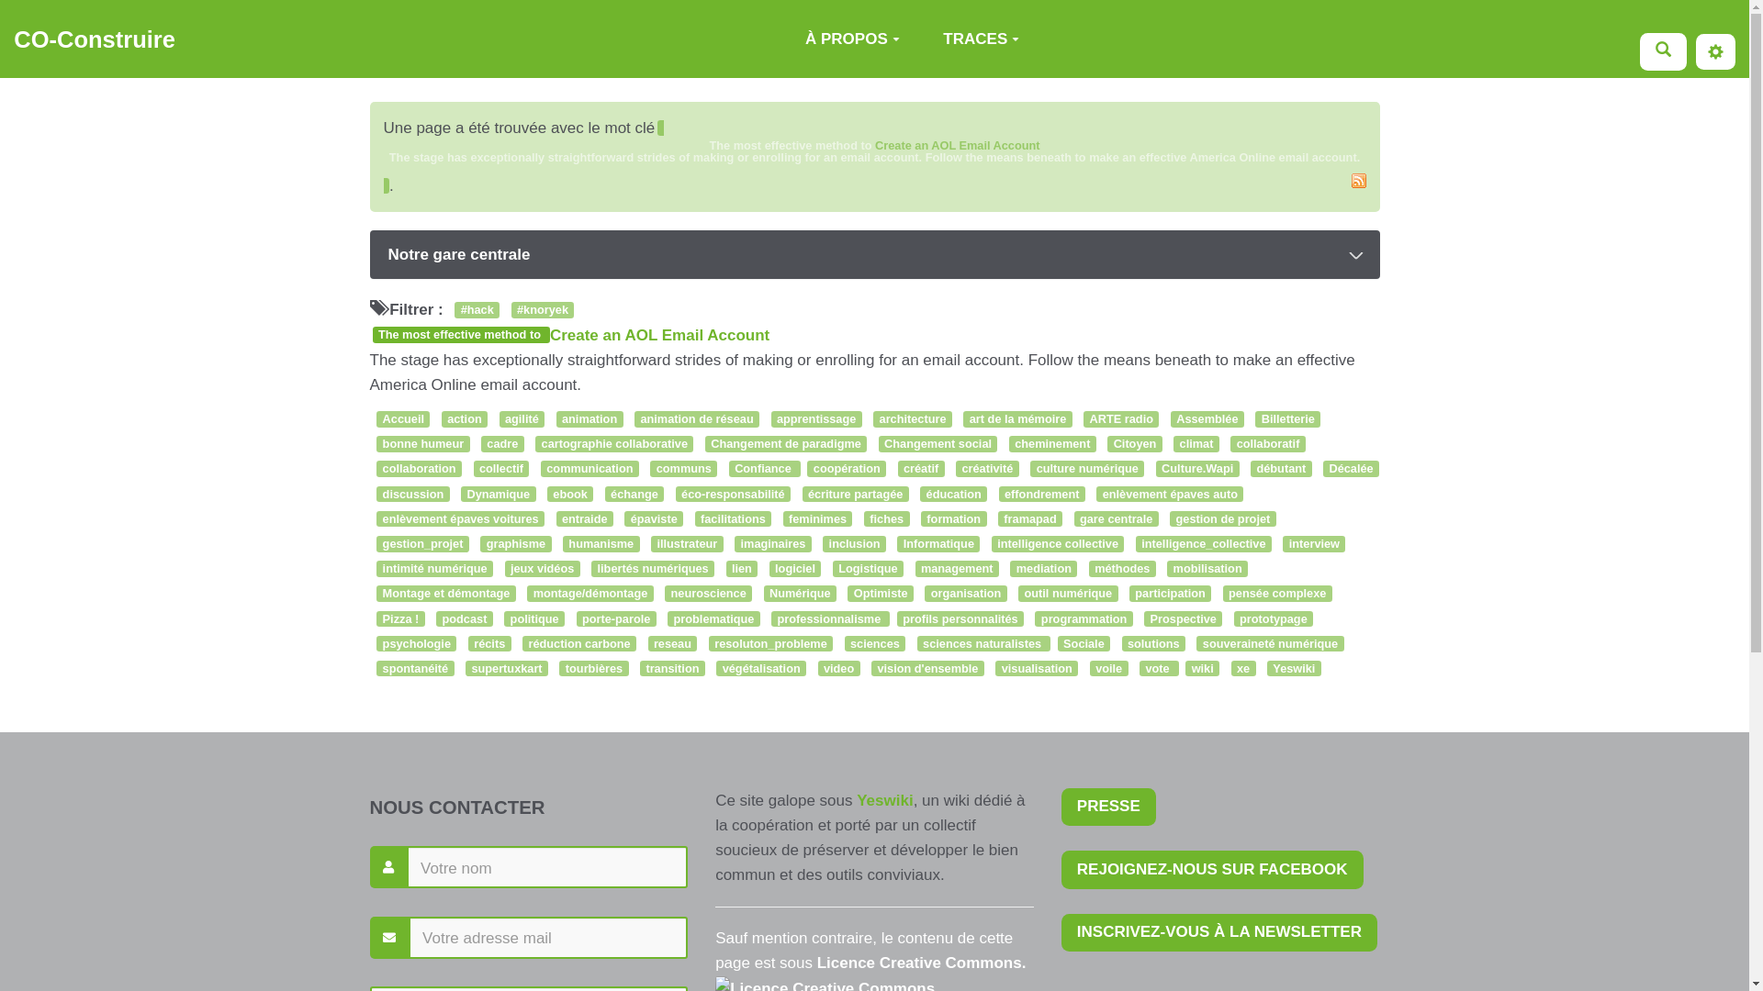  Describe the element at coordinates (785, 443) in the screenshot. I see `'Changement de paradigme'` at that location.